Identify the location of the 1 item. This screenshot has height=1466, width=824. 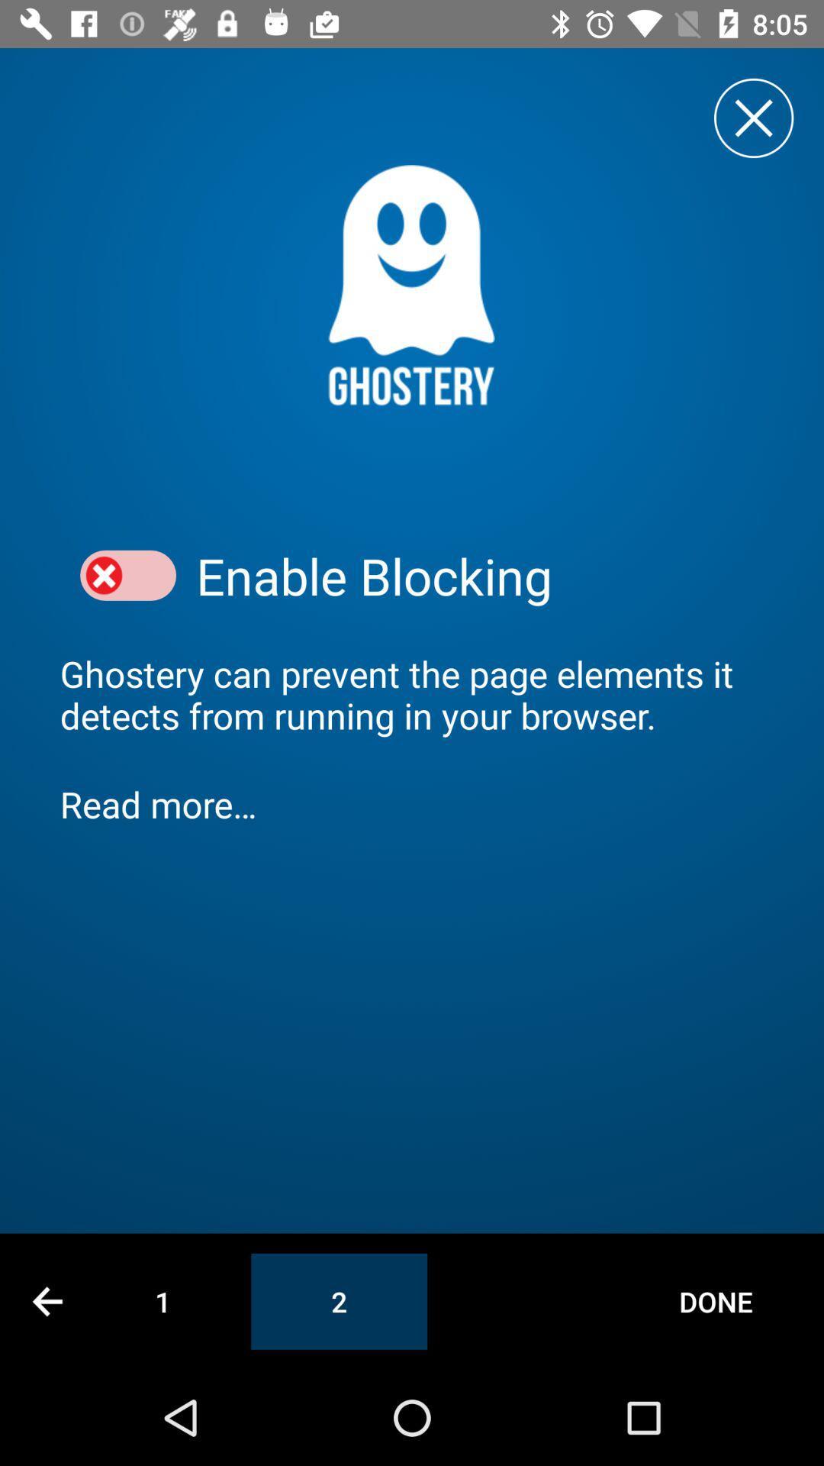
(163, 1300).